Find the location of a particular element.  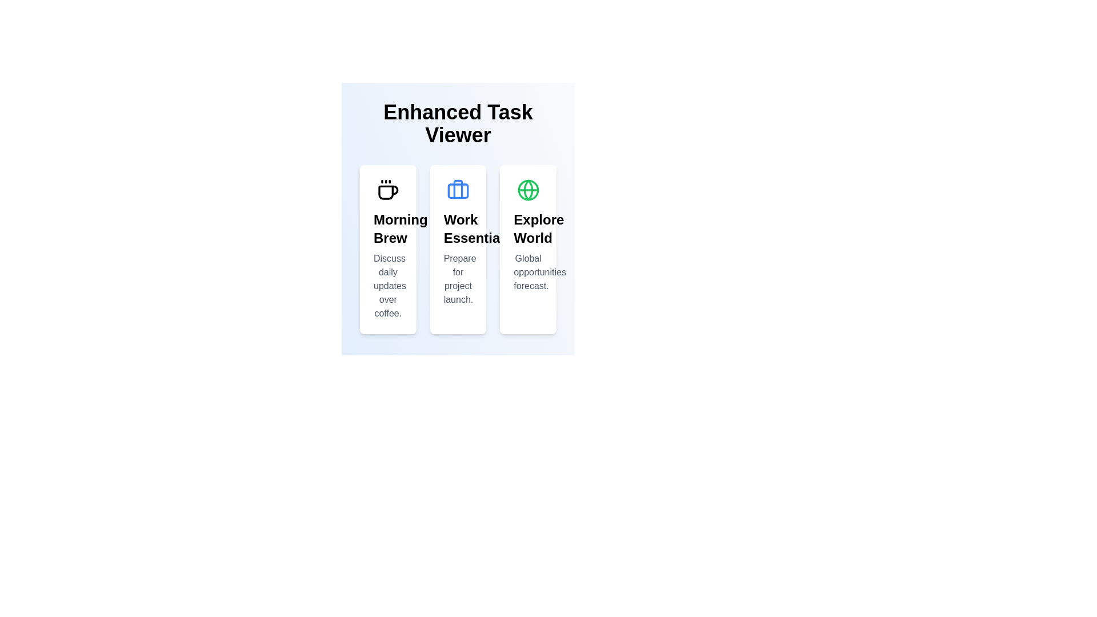

the 'Morning Brew' card component, which is the leftmost card in a horizontal tri-column grid layout is located at coordinates (388, 249).